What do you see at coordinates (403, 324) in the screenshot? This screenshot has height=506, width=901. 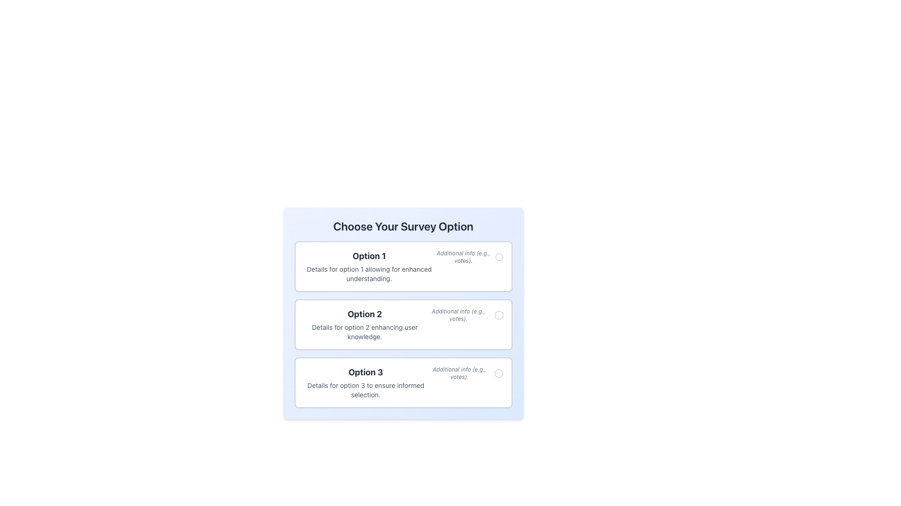 I see `the second selectable option card in the survey options list for interaction` at bounding box center [403, 324].